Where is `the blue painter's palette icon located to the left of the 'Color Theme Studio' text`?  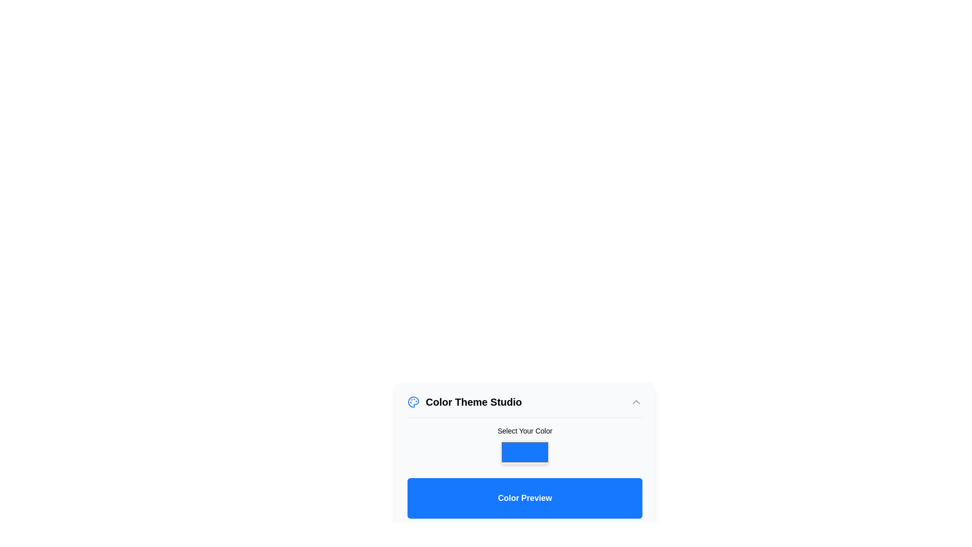
the blue painter's palette icon located to the left of the 'Color Theme Studio' text is located at coordinates (413, 402).